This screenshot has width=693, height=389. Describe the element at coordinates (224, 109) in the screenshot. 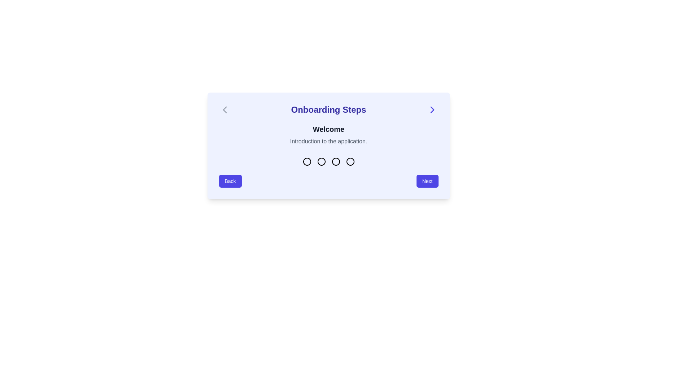

I see `the left-pointing Chevron icon located within the light blue background area` at that location.